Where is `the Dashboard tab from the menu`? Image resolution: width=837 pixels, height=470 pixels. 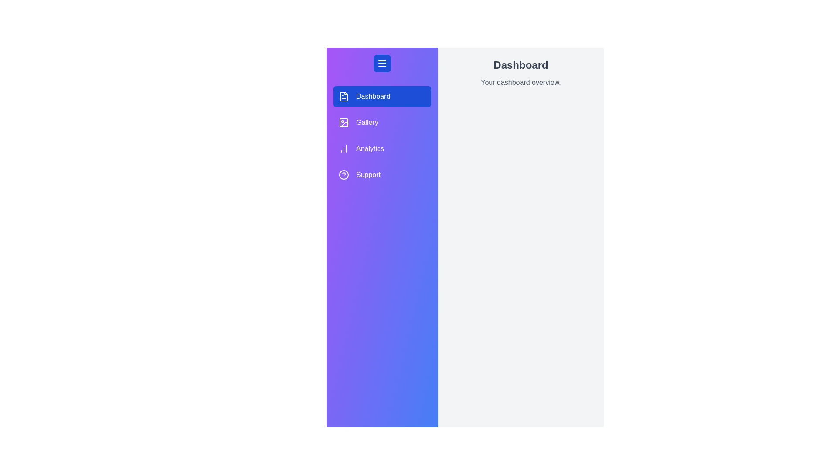
the Dashboard tab from the menu is located at coordinates (382, 97).